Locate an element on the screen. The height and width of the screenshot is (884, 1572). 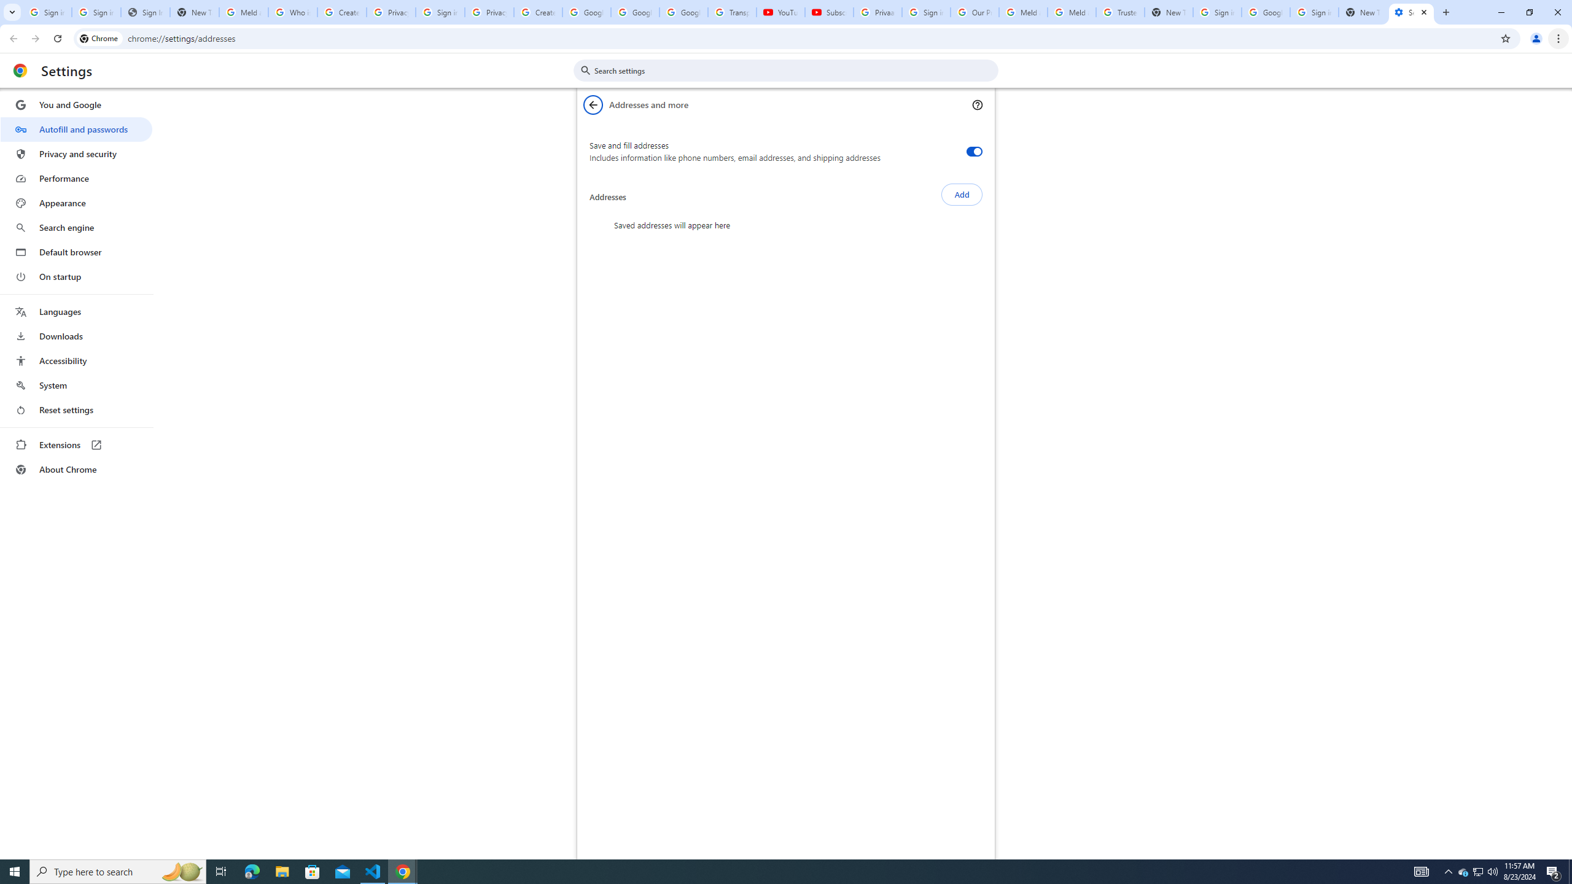
'Search engine' is located at coordinates (76, 228).